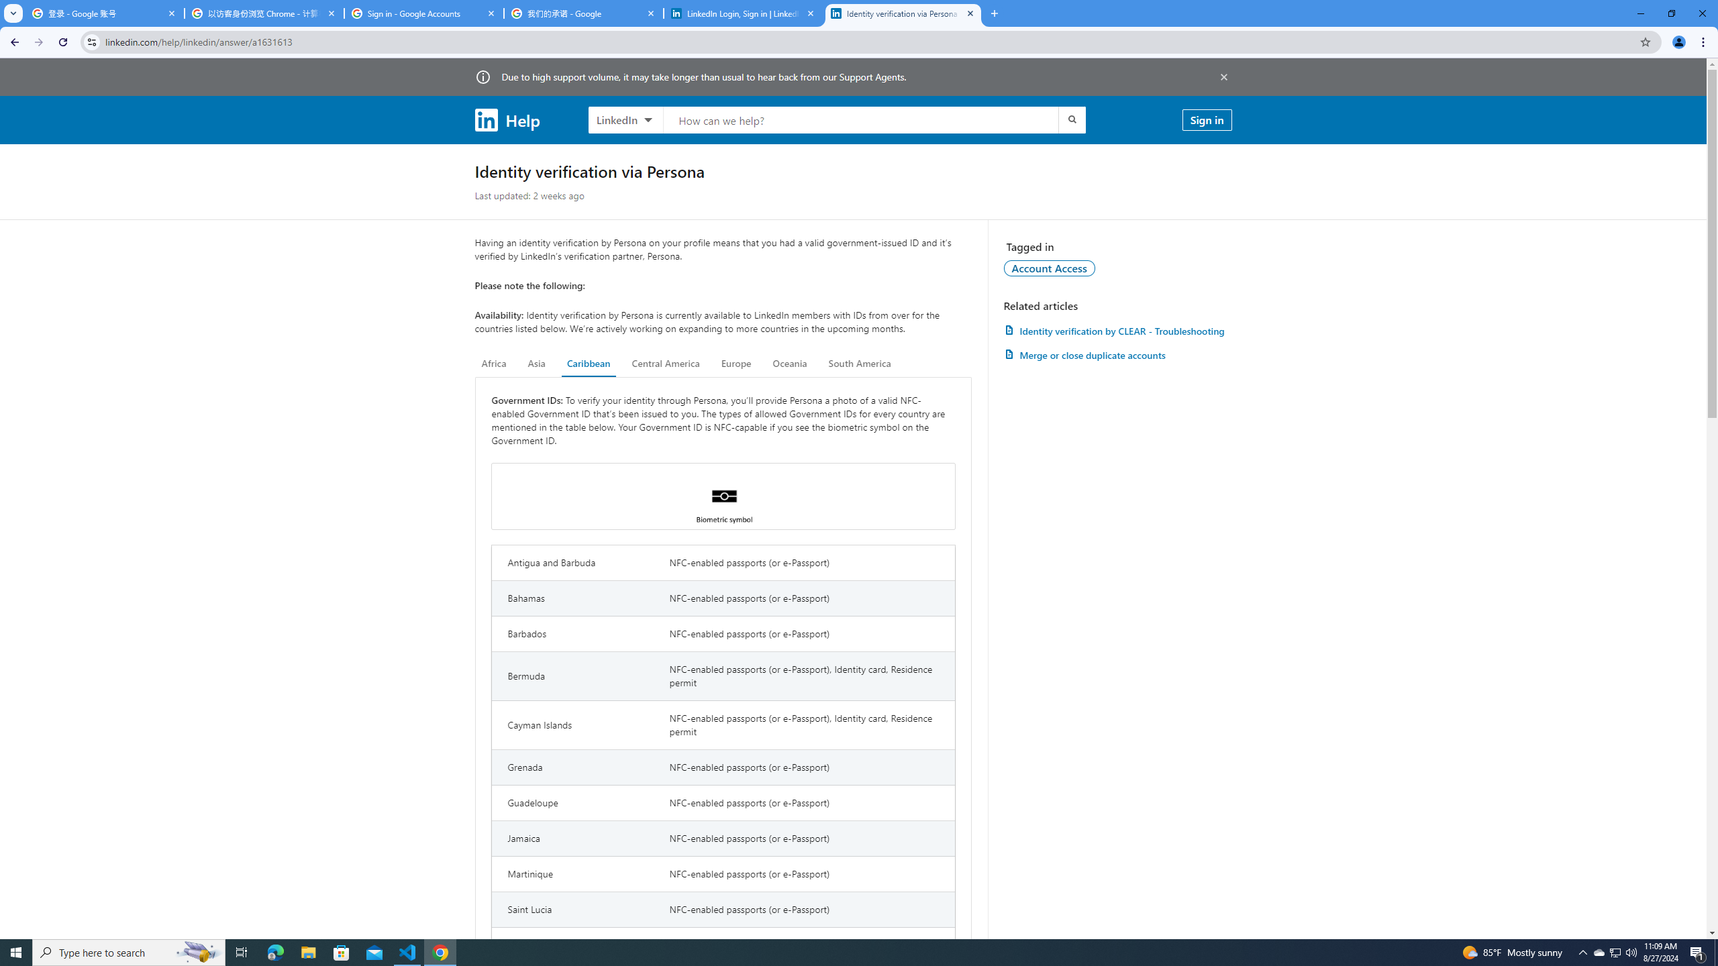 The width and height of the screenshot is (1718, 966). What do you see at coordinates (722, 496) in the screenshot?
I see `'Biometric symbol'` at bounding box center [722, 496].